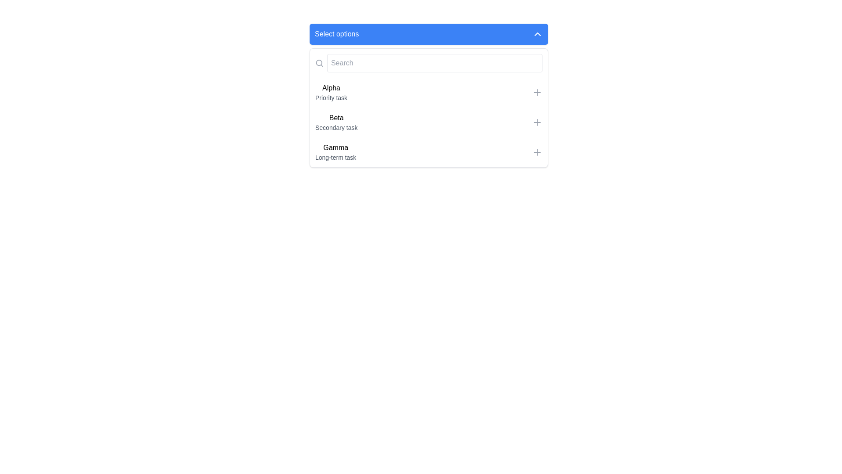  Describe the element at coordinates (336, 122) in the screenshot. I see `the second list item labeled 'Beta'` at that location.